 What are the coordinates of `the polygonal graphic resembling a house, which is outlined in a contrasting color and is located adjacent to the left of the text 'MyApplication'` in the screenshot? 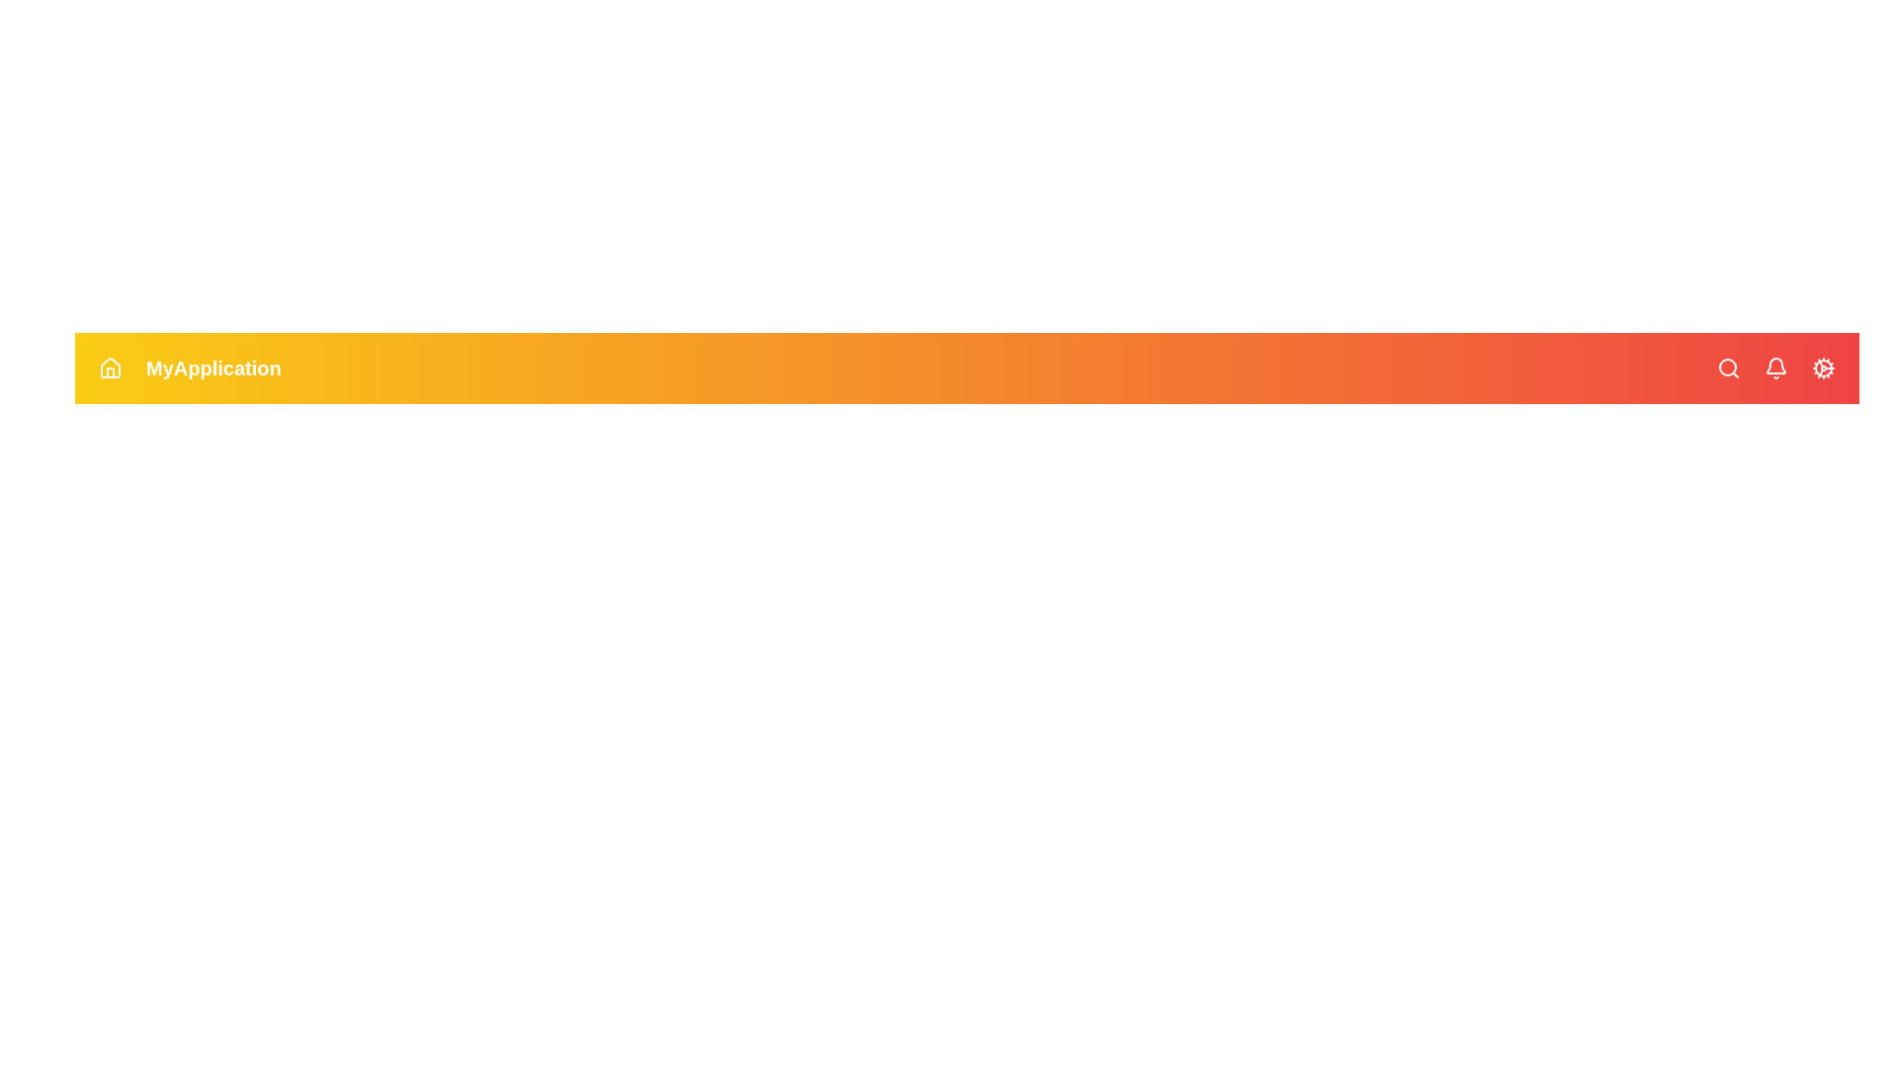 It's located at (109, 367).